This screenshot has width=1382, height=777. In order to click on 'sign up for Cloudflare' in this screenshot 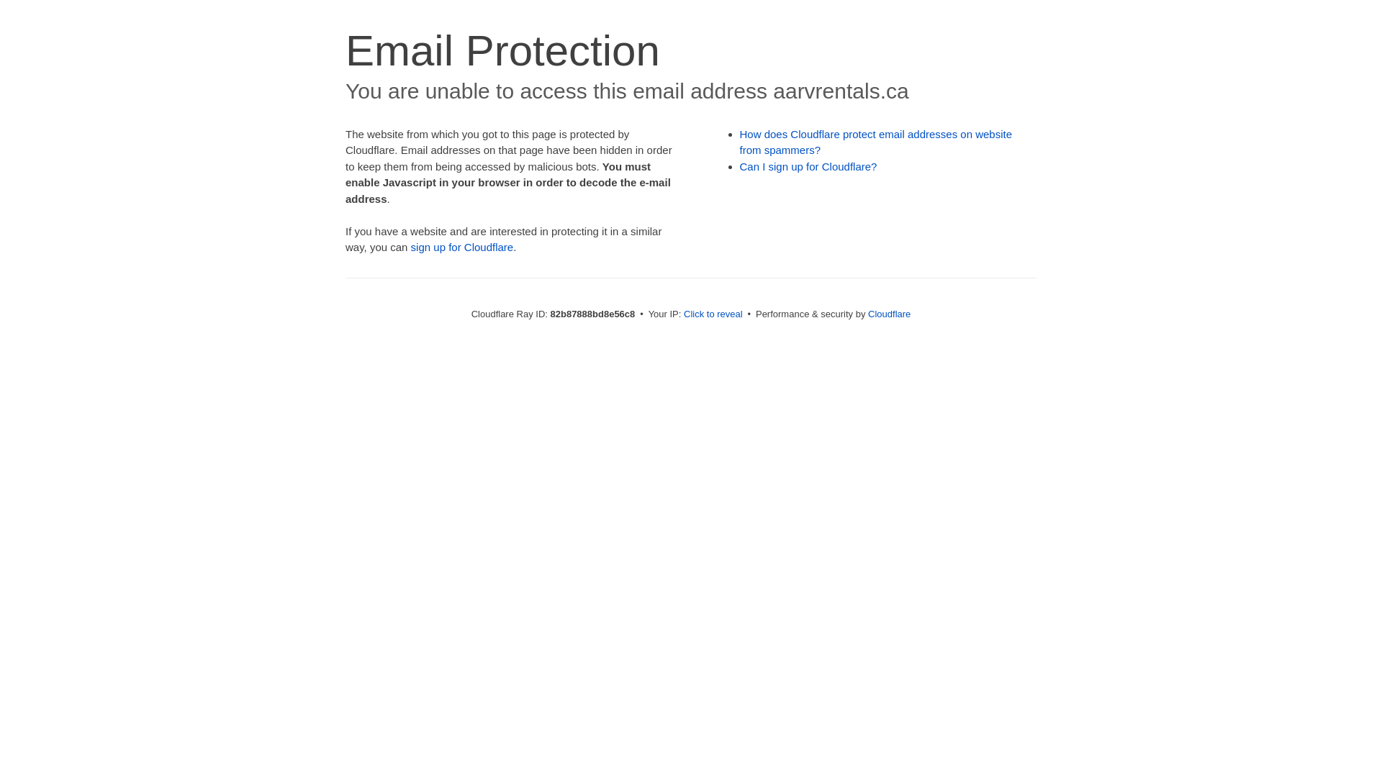, I will do `click(462, 246)`.